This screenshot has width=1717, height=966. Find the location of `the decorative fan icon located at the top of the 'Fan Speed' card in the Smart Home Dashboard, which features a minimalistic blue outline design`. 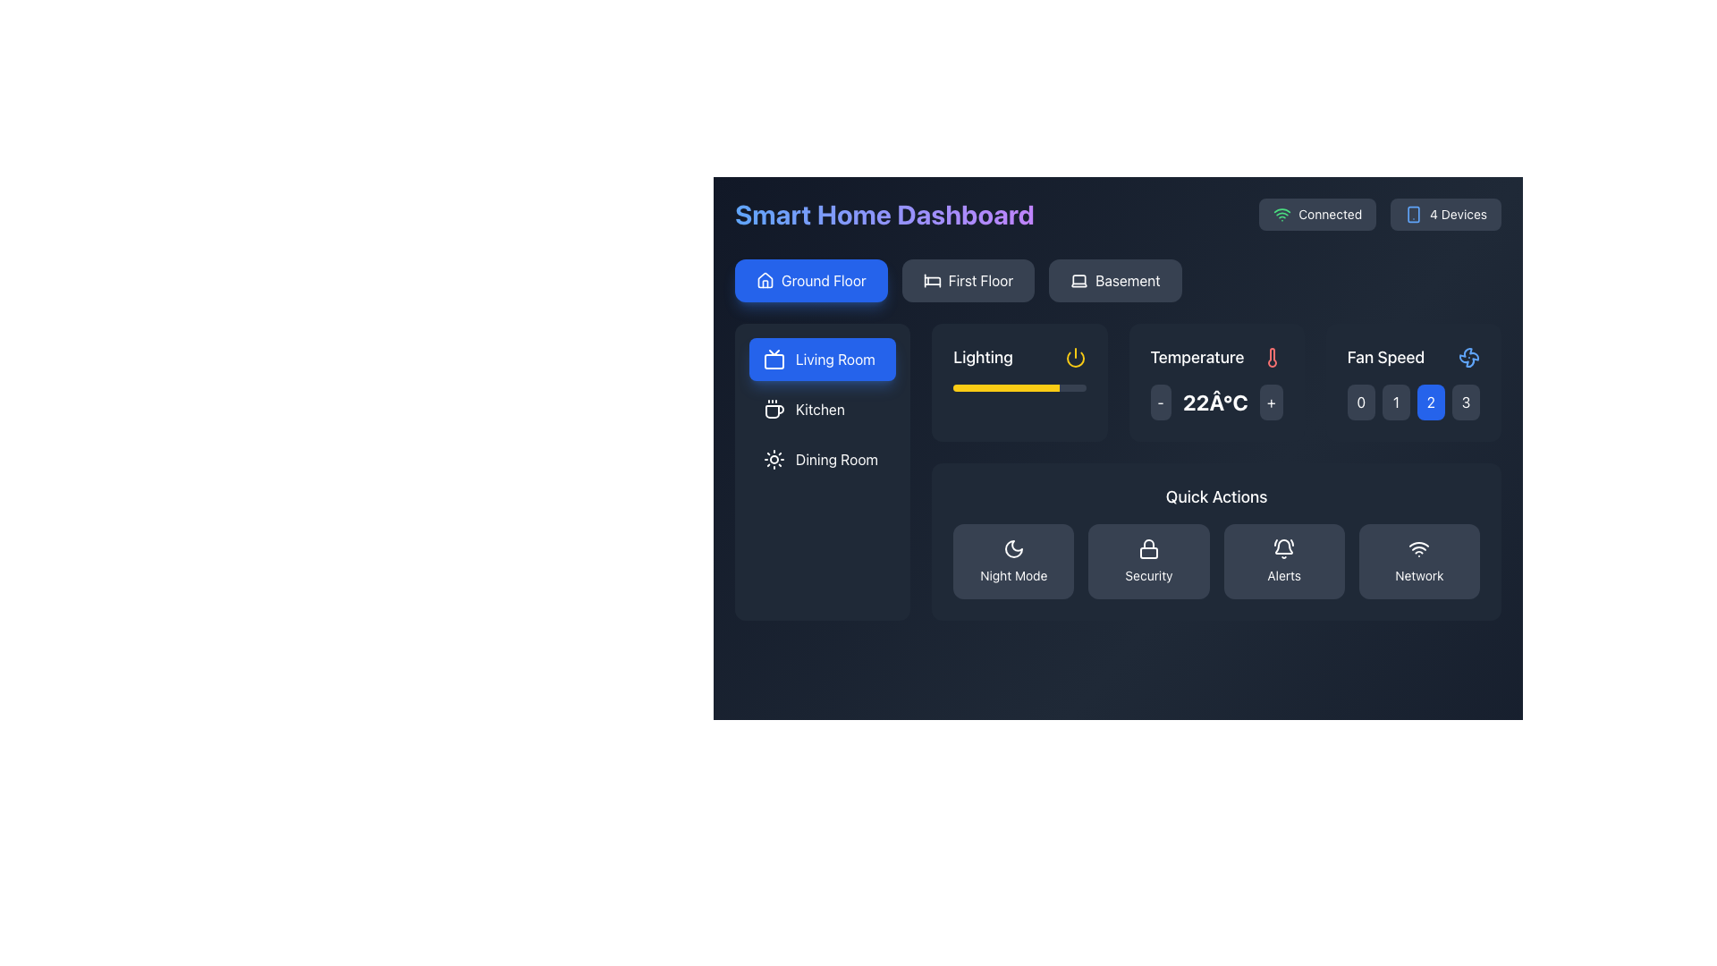

the decorative fan icon located at the top of the 'Fan Speed' card in the Smart Home Dashboard, which features a minimalistic blue outline design is located at coordinates (1468, 358).